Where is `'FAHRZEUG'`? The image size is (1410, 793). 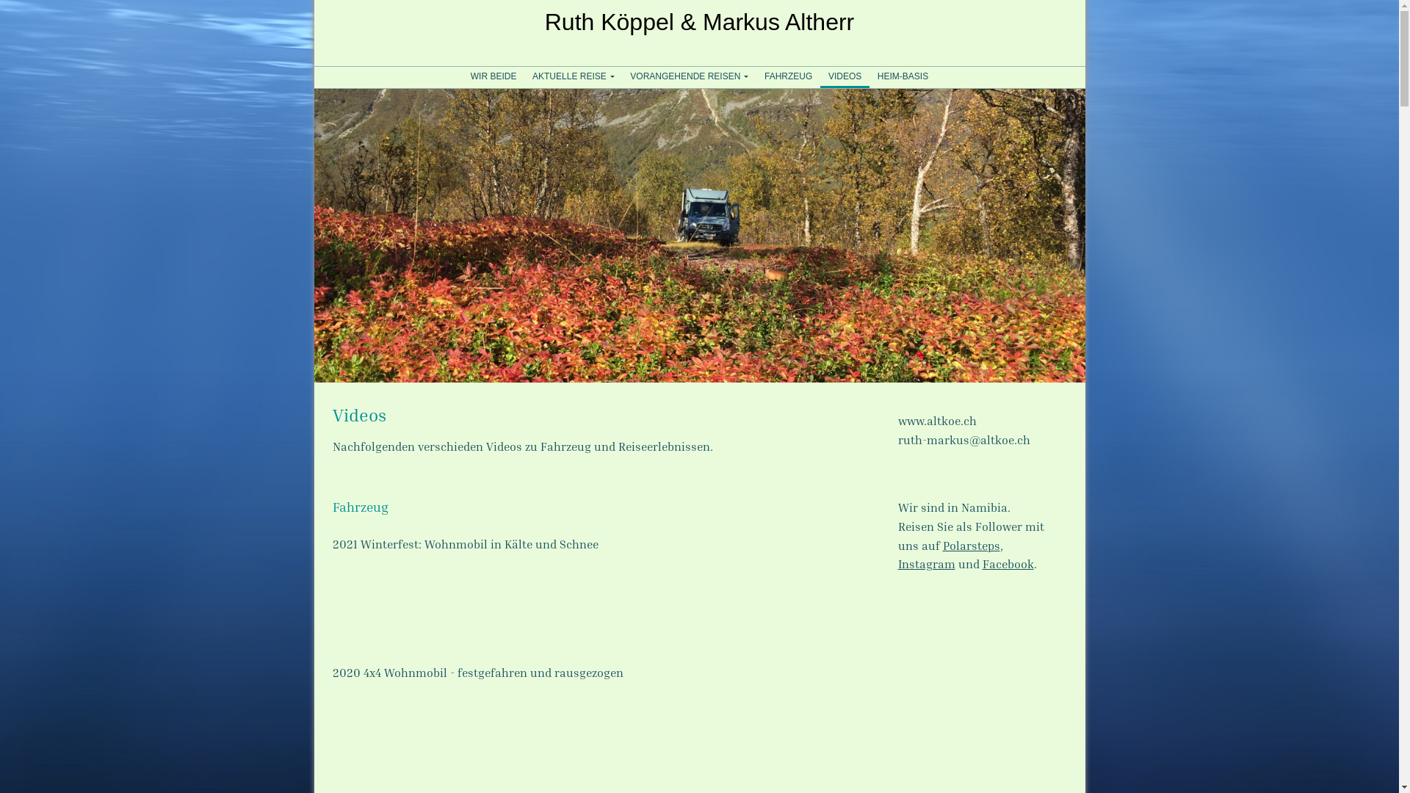 'FAHRZEUG' is located at coordinates (756, 76).